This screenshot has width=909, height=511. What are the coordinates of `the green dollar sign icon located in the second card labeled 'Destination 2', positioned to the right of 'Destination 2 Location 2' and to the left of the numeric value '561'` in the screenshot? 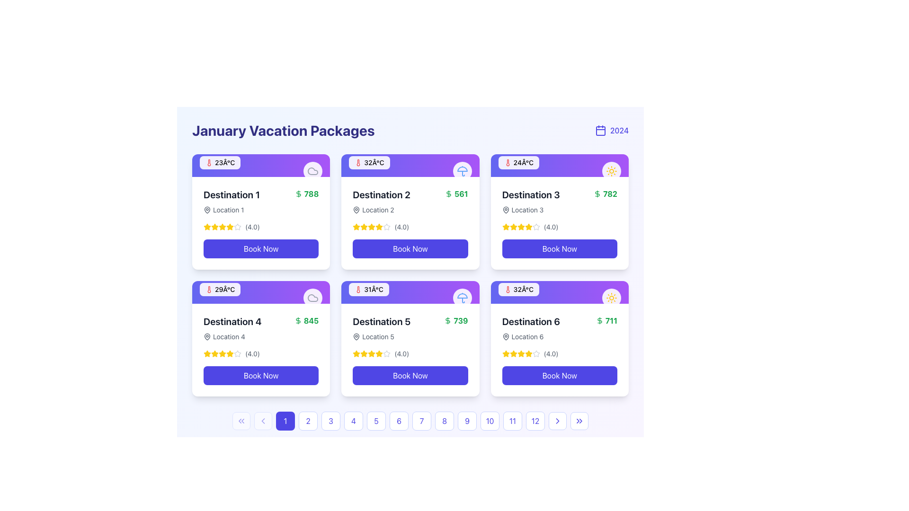 It's located at (448, 193).